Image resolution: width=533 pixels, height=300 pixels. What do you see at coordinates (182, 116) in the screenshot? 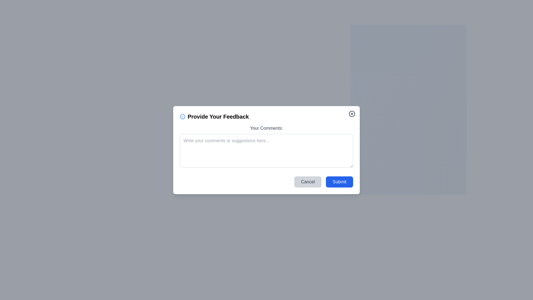
I see `the circular portion of the 'info' icon preceding the title 'Provide Your Feedback'` at bounding box center [182, 116].